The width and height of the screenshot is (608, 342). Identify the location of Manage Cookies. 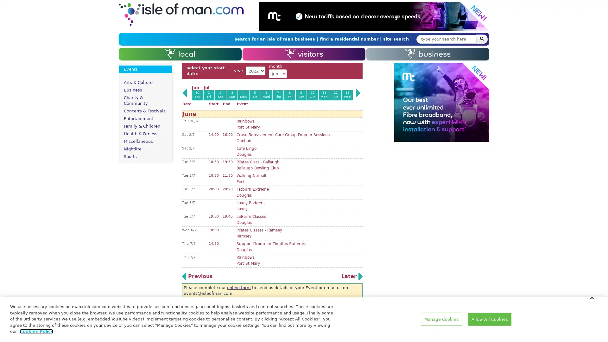
(441, 319).